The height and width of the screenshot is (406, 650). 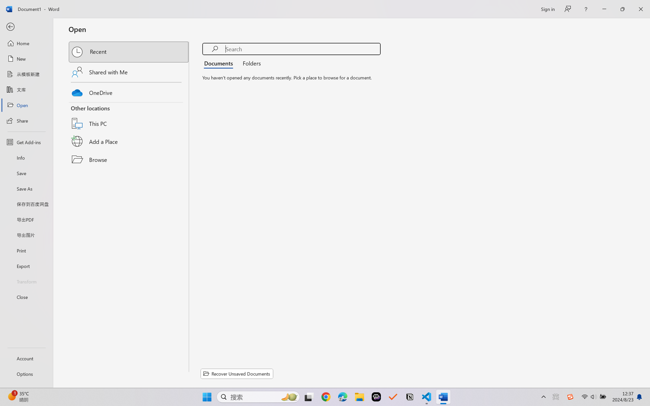 I want to click on 'OneDrive', so click(x=129, y=91).